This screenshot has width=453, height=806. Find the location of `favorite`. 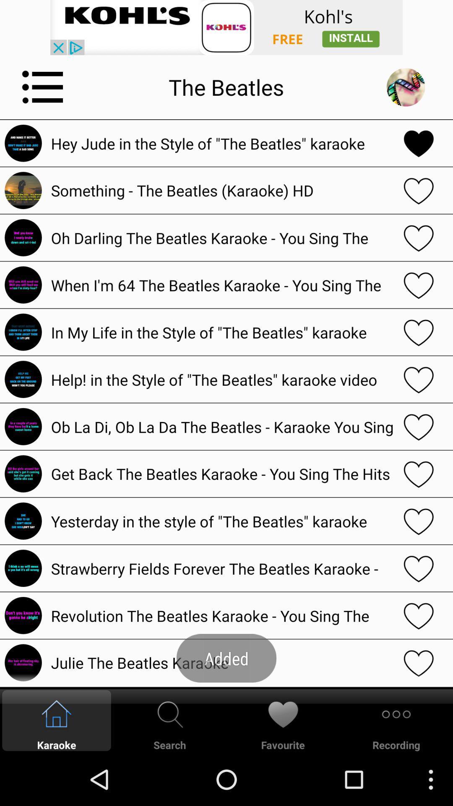

favorite is located at coordinates (419, 427).